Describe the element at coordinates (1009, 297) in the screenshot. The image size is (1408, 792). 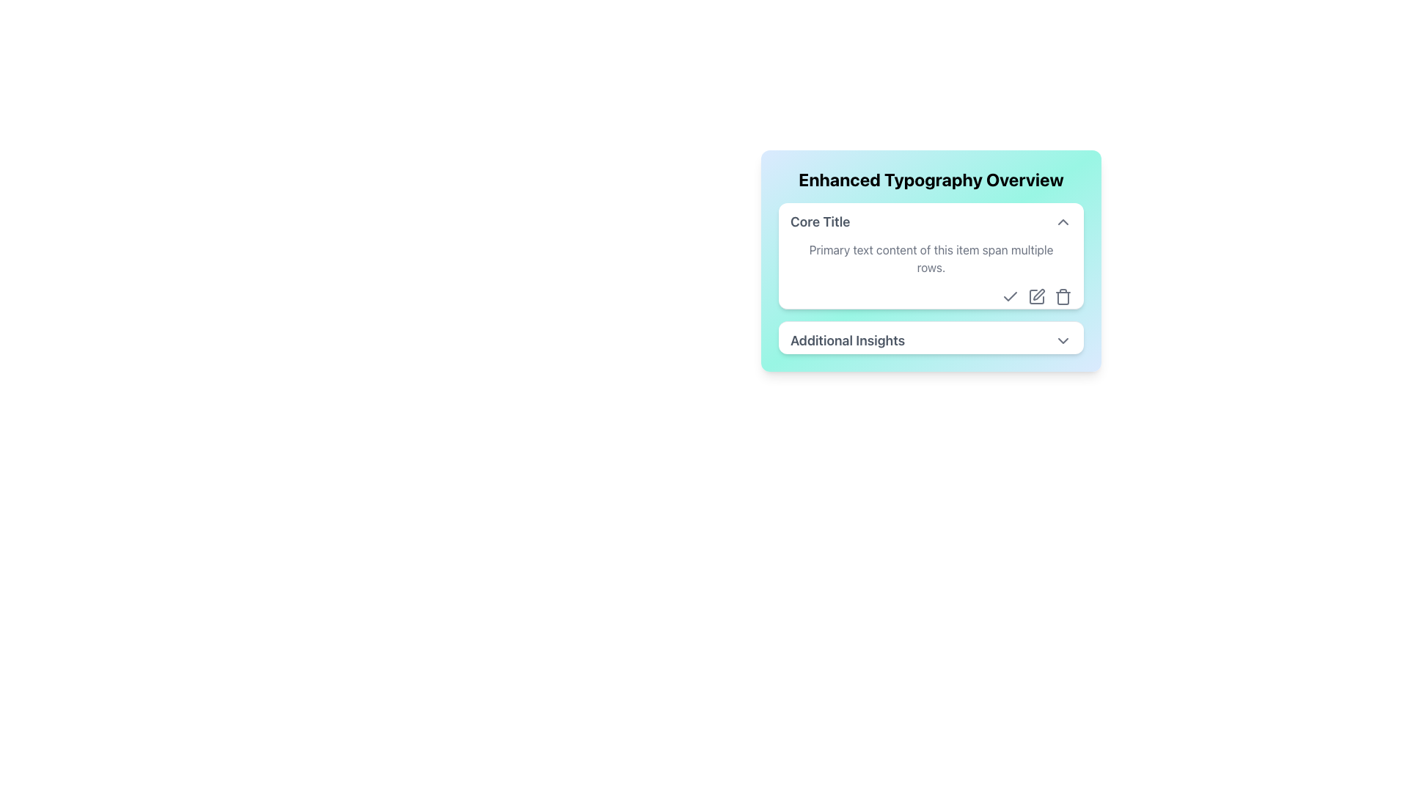
I see `the checkmark icon located to the left of the pencil icon and right of the 'Core Title' label in the 'Enhanced Typography Overview' card` at that location.